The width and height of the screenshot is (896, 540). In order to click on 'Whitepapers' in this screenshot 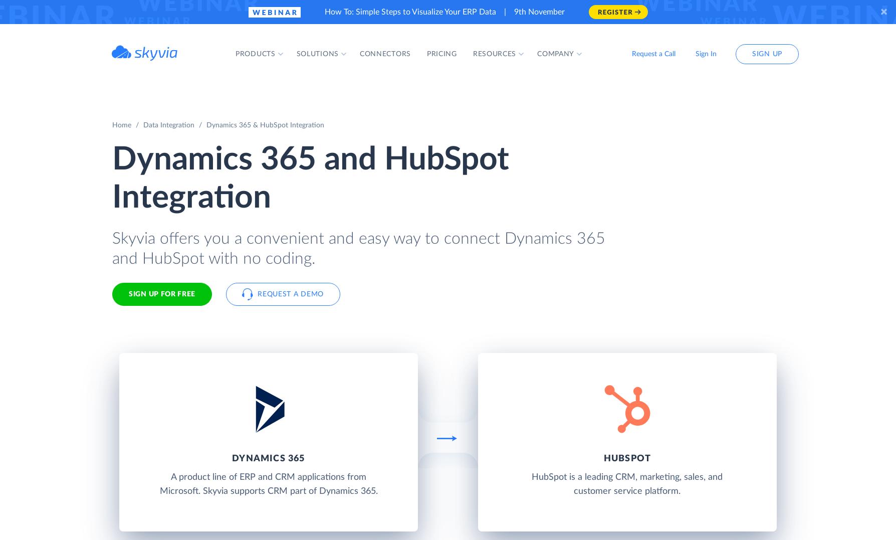, I will do `click(486, 168)`.